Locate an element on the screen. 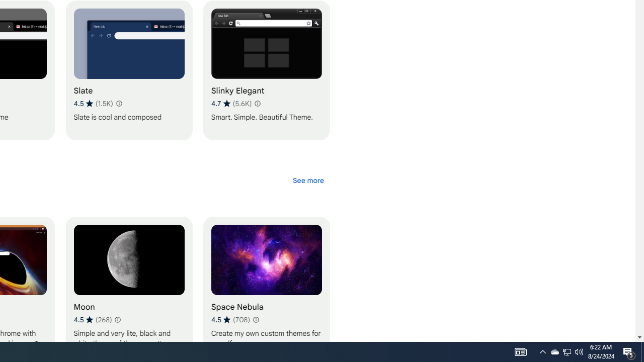 The height and width of the screenshot is (362, 644). 'See more of the "Space exploration" collection' is located at coordinates (307, 179).